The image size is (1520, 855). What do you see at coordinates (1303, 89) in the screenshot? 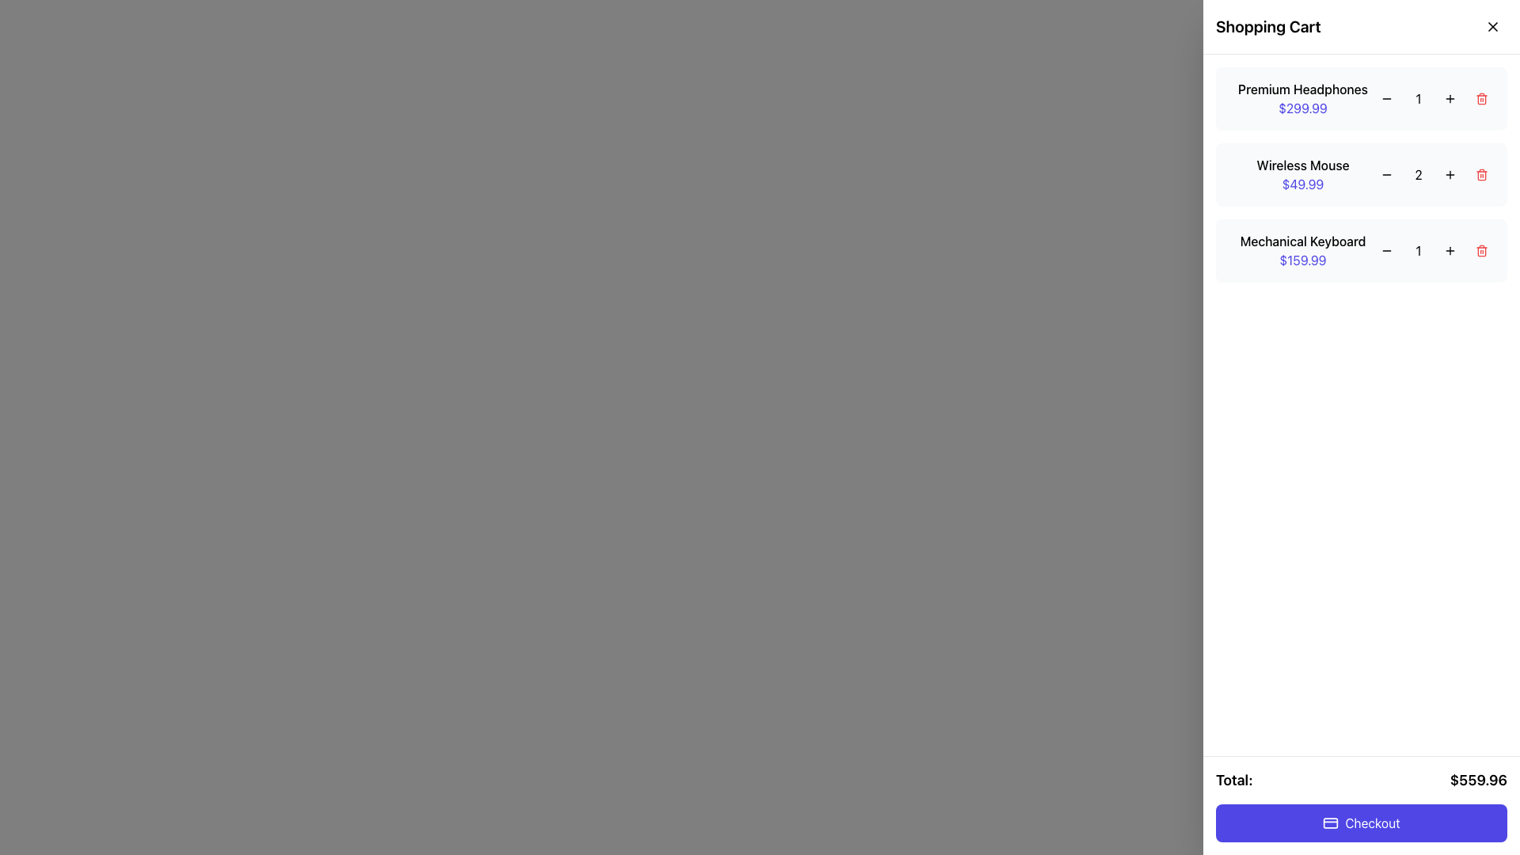
I see `the product title text label located at the topmost product listing in the shopping cart, which is immediately above the price text '$299.99'` at bounding box center [1303, 89].